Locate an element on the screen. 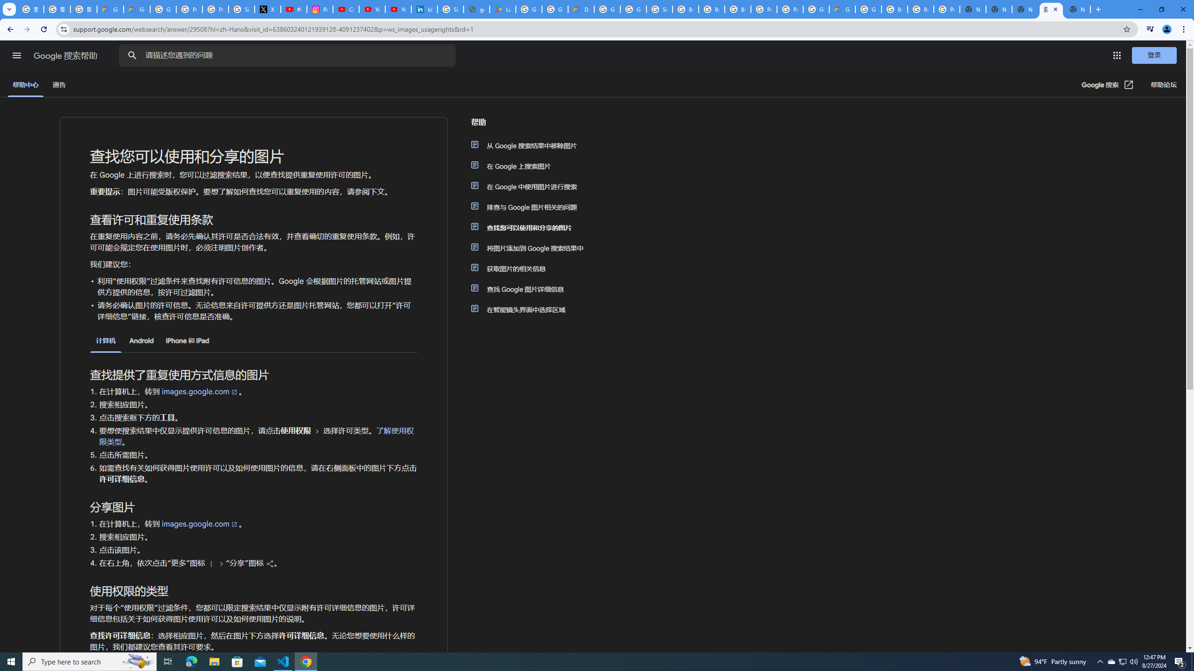 This screenshot has width=1194, height=671. 'Google Workspace - Specific Terms' is located at coordinates (555, 9).